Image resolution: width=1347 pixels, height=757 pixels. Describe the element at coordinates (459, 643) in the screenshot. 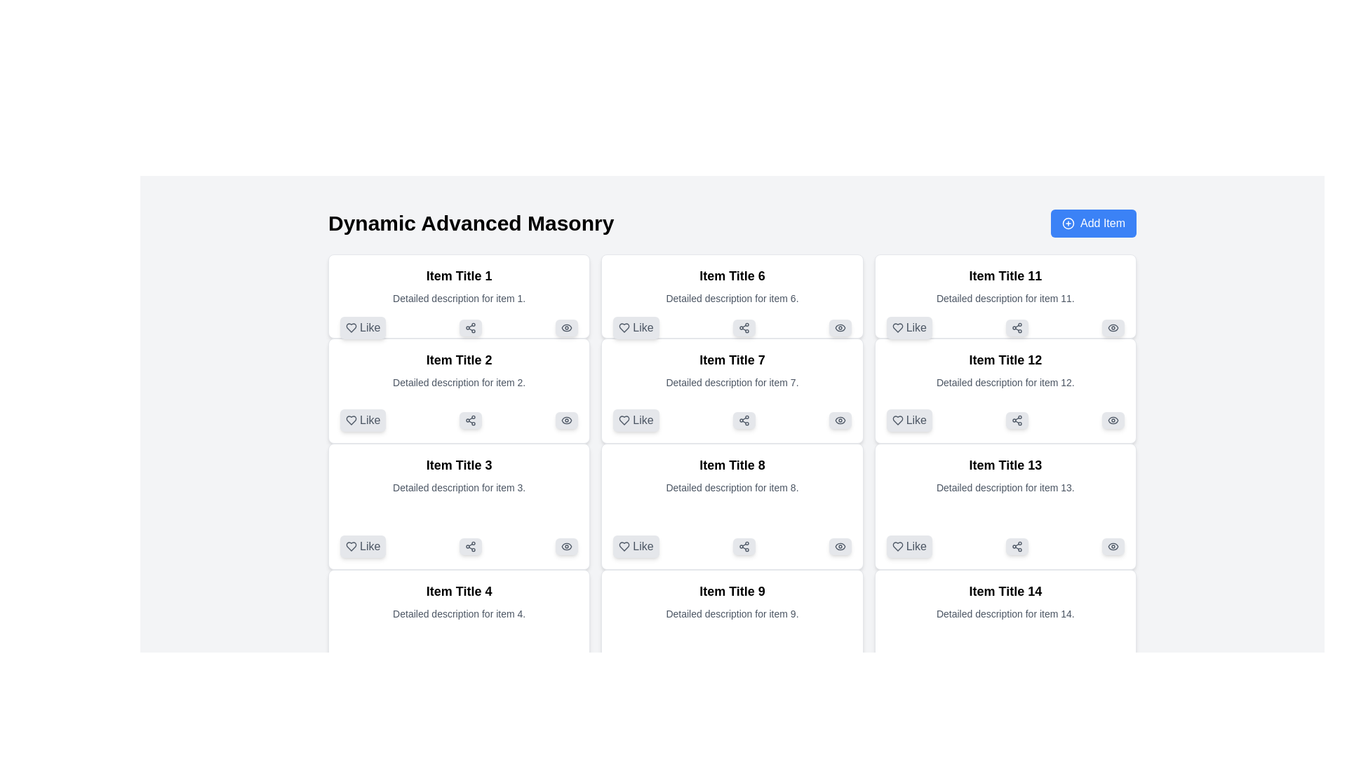

I see `the Card component located in the grid under 'Dynamic Advanced Masonry', specifically the fourth item in the first column of the second row` at that location.